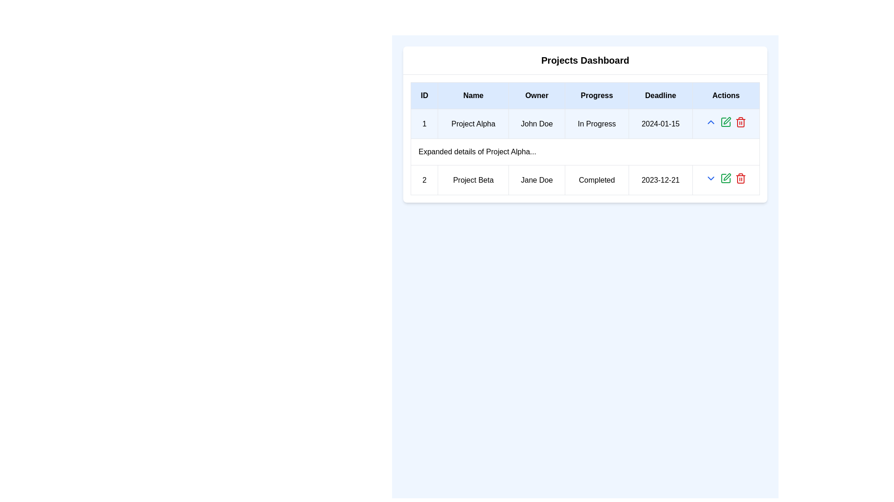 The height and width of the screenshot is (502, 894). I want to click on the interactive cell labeled 'Actions' in the second row of the feature table, so click(725, 180).